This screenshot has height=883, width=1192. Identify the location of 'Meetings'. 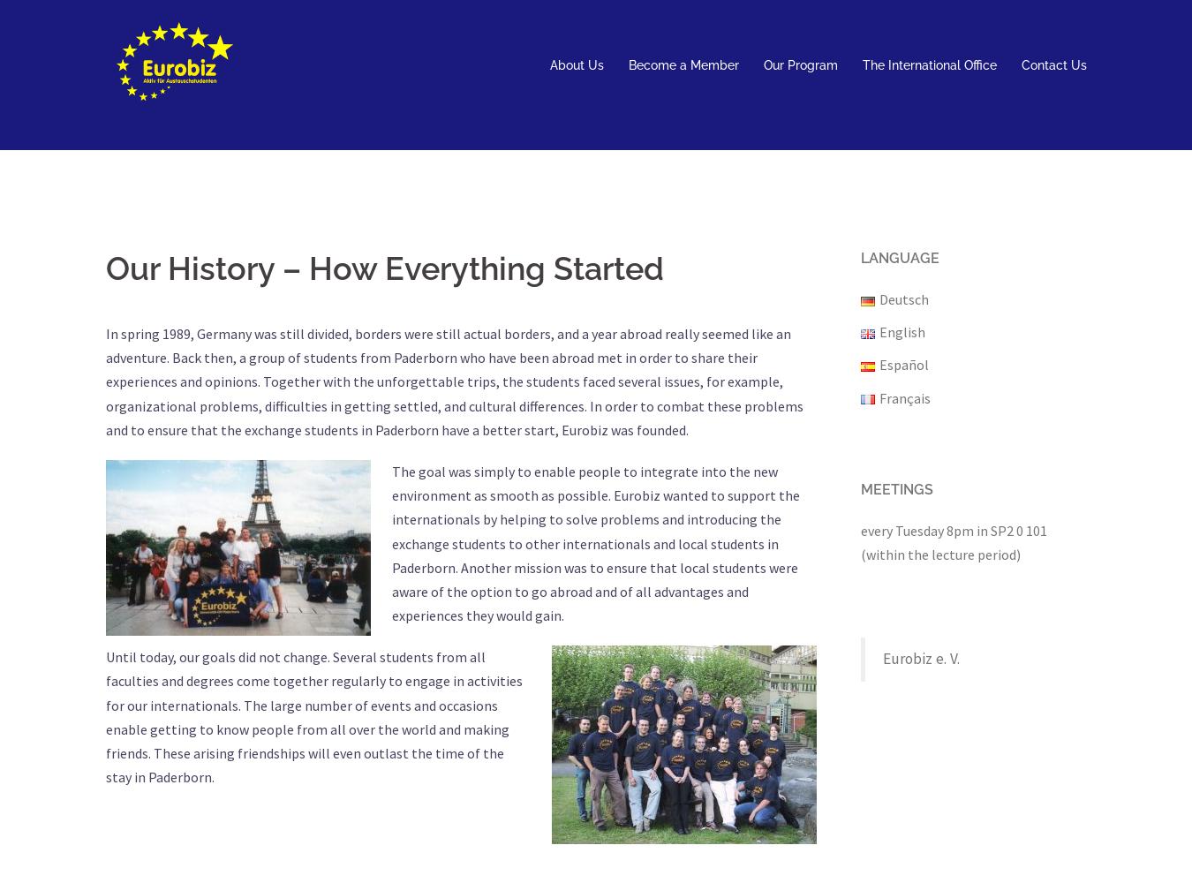
(897, 488).